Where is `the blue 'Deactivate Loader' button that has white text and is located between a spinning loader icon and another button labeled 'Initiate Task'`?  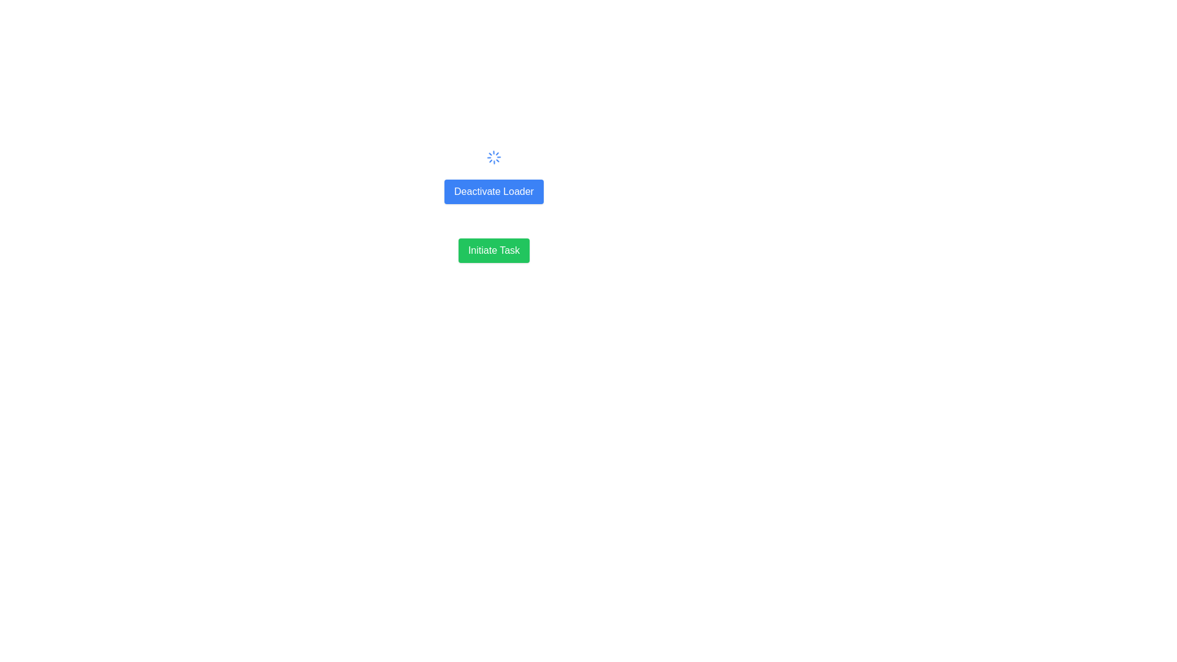
the blue 'Deactivate Loader' button that has white text and is located between a spinning loader icon and another button labeled 'Initiate Task' is located at coordinates (494, 191).